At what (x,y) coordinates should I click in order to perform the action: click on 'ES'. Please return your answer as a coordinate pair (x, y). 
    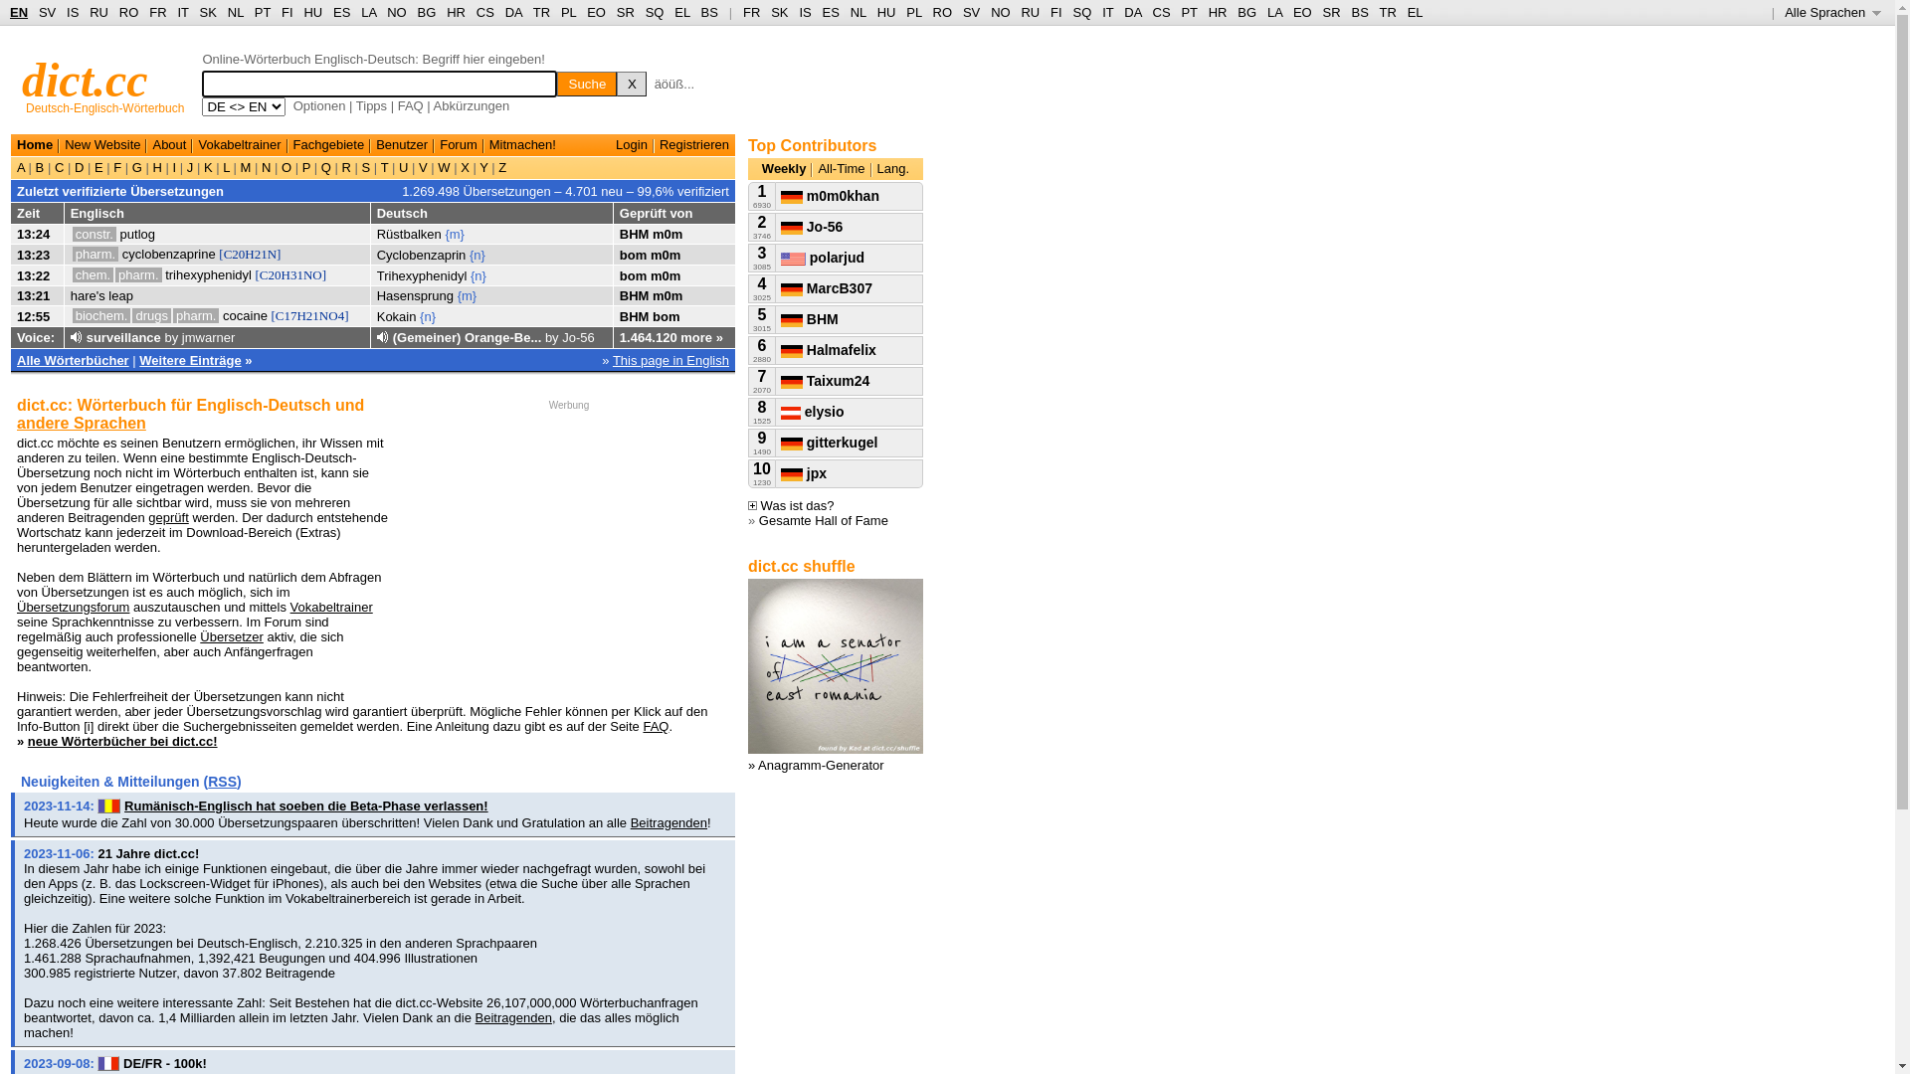
    Looking at the image, I should click on (341, 12).